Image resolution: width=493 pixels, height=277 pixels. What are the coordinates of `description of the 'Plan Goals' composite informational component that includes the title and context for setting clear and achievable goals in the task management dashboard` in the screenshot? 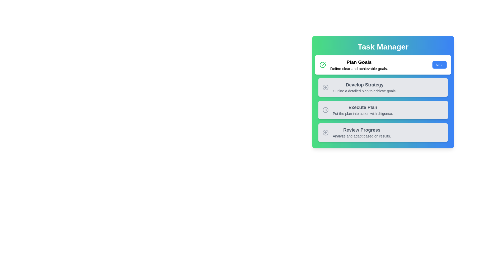 It's located at (353, 65).